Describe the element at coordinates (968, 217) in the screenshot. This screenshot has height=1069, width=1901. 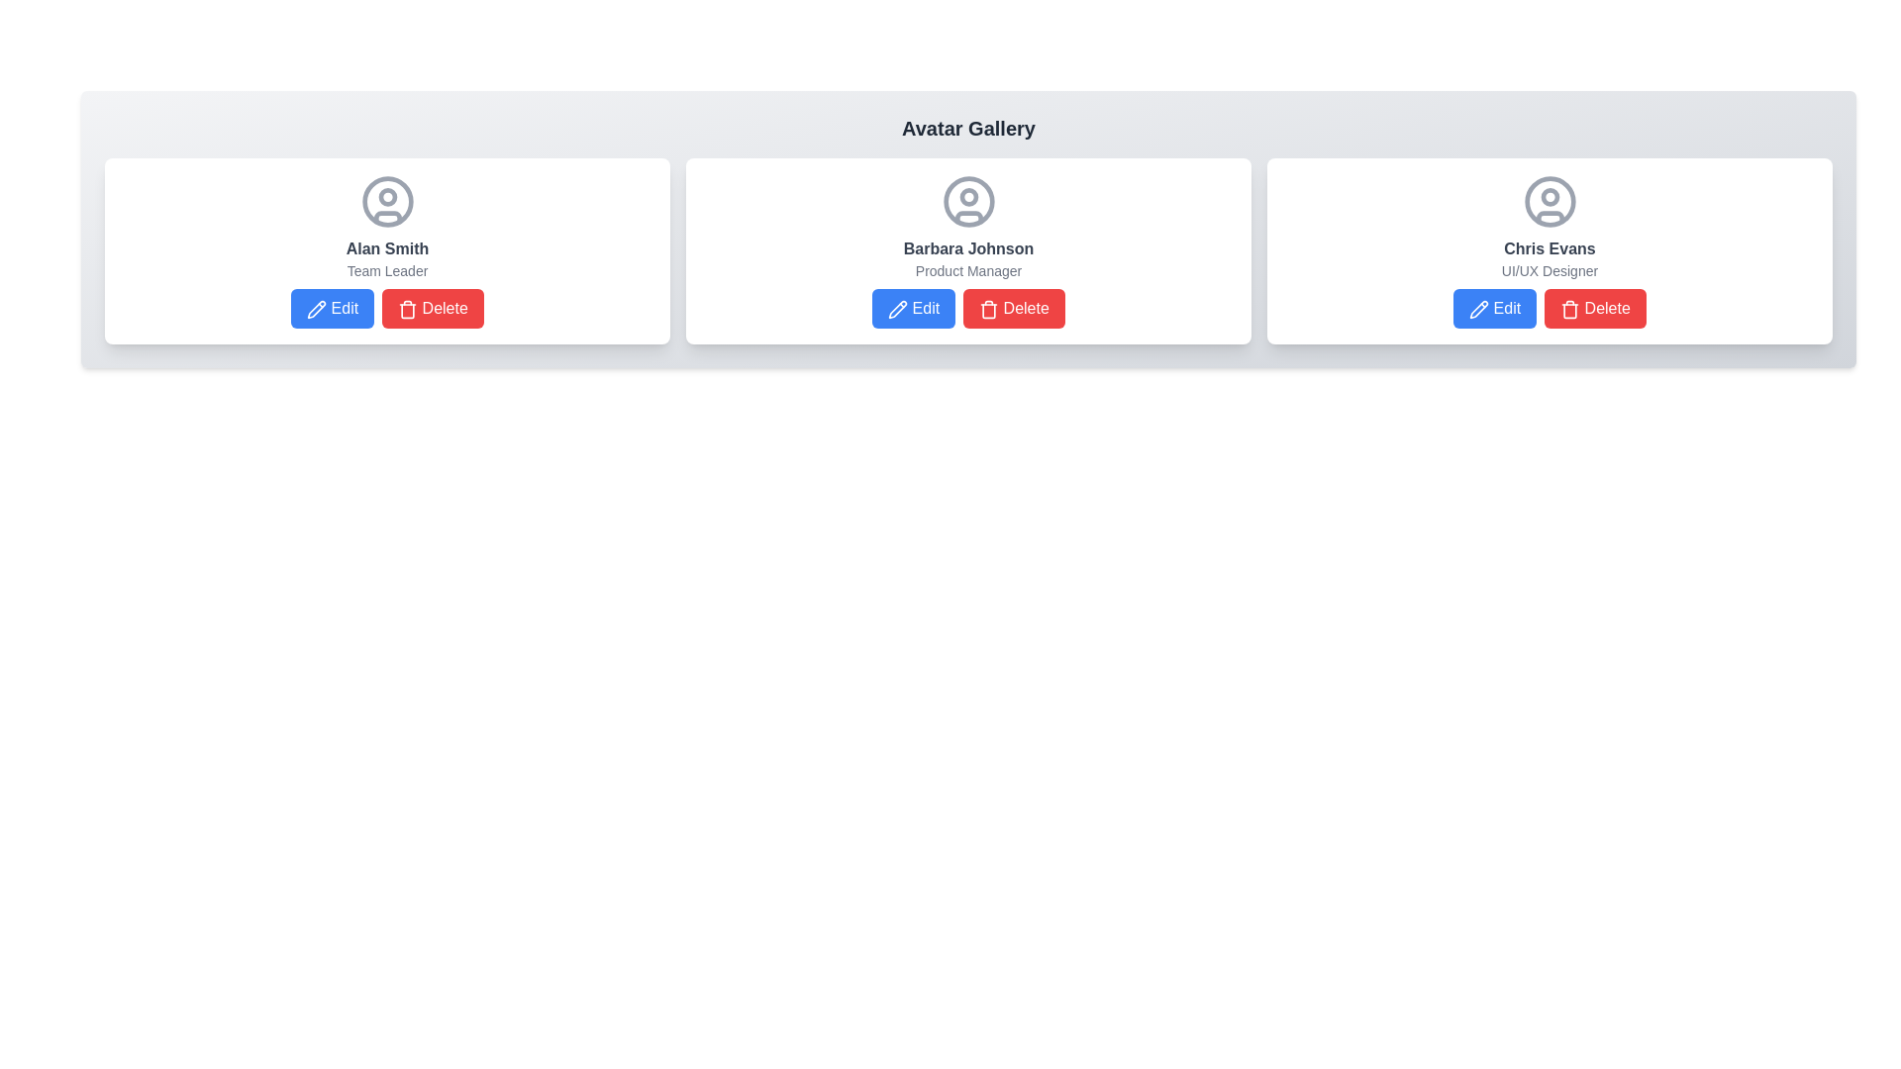
I see `the curved line of the user profile icon located in the central panel of the Avatar Gallery interface, which is part of the middle circular avatar icon` at that location.